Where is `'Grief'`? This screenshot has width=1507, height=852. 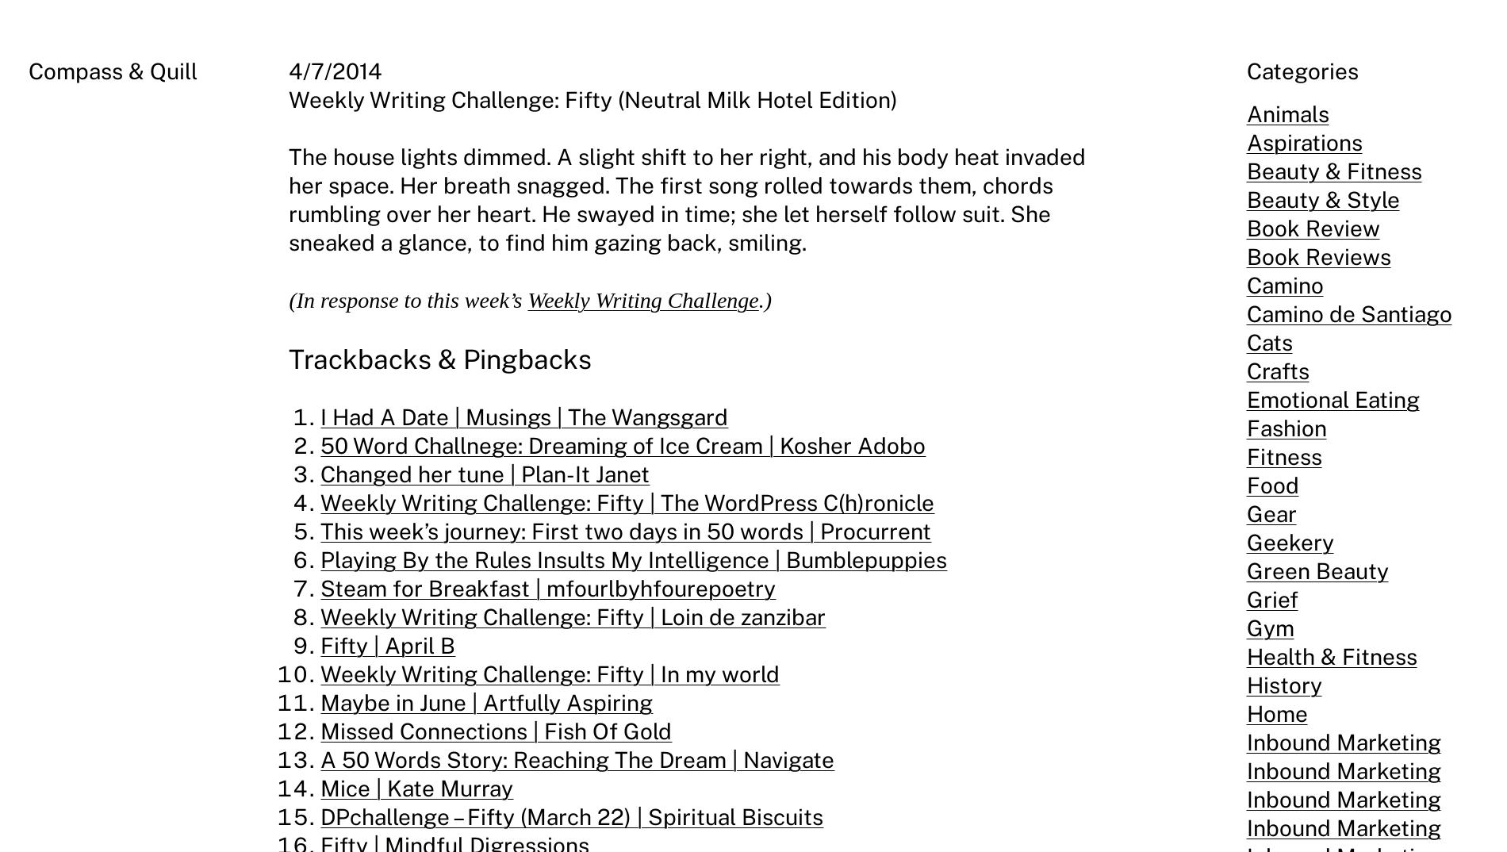 'Grief' is located at coordinates (1271, 598).